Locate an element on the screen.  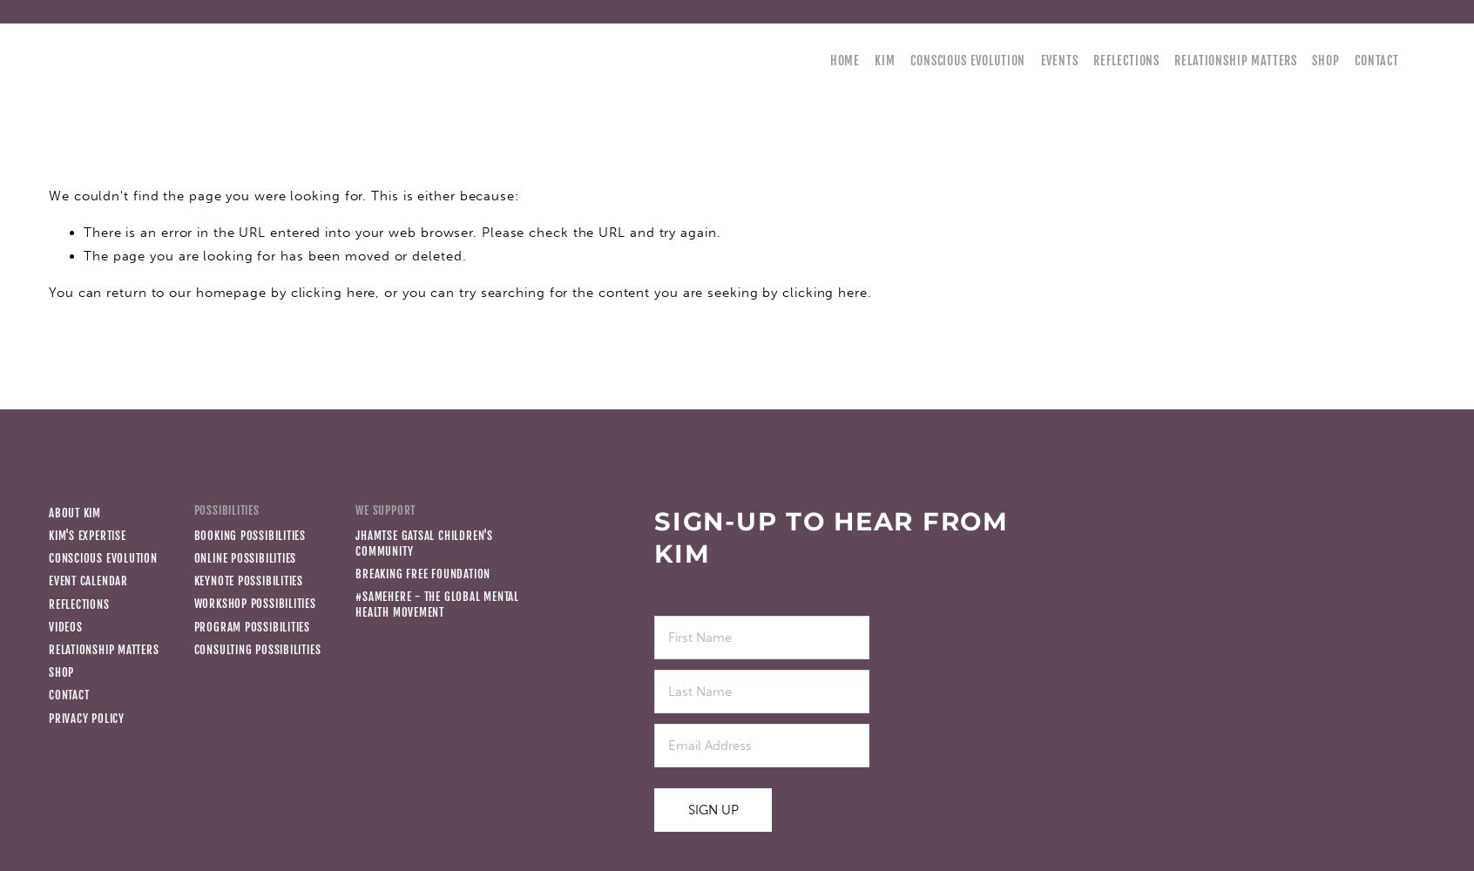
'Consulting Possibilities' is located at coordinates (193, 648).